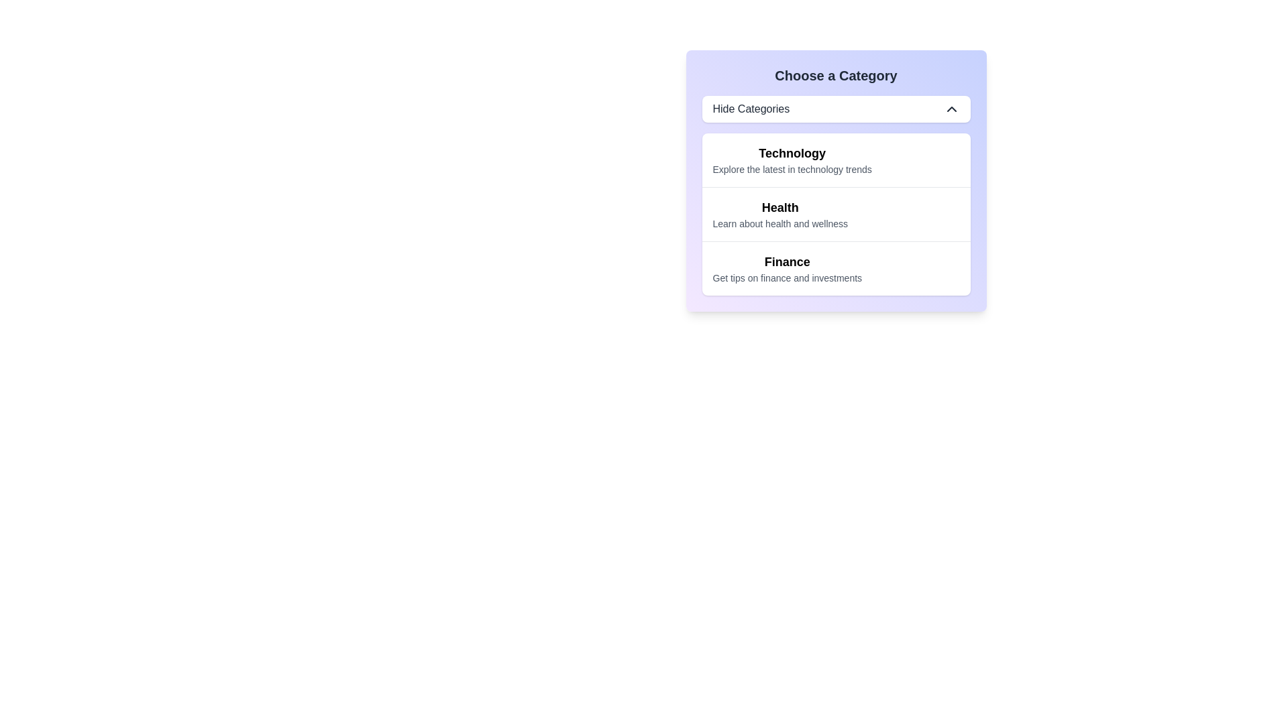 The width and height of the screenshot is (1288, 724). What do you see at coordinates (835, 160) in the screenshot?
I see `the 'Technology' category entry, which is the first item in the list under 'Choose a Category'` at bounding box center [835, 160].